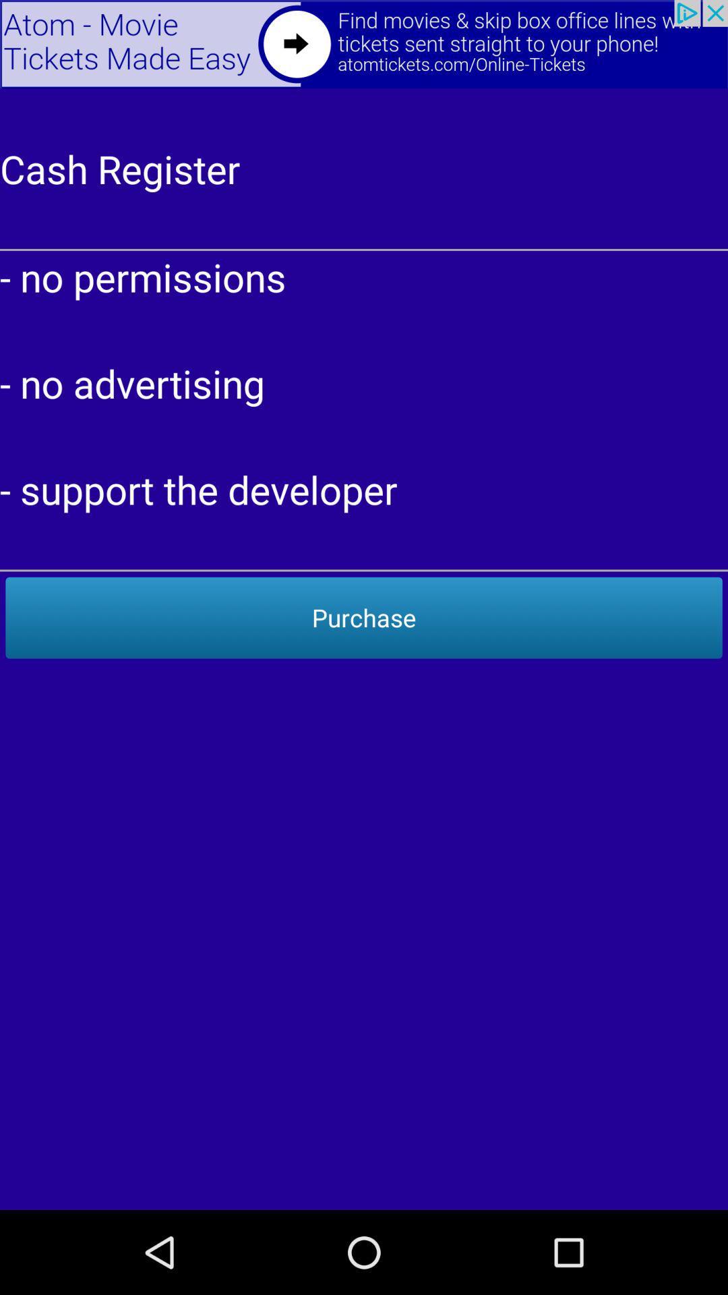  What do you see at coordinates (364, 44) in the screenshot?
I see `back` at bounding box center [364, 44].